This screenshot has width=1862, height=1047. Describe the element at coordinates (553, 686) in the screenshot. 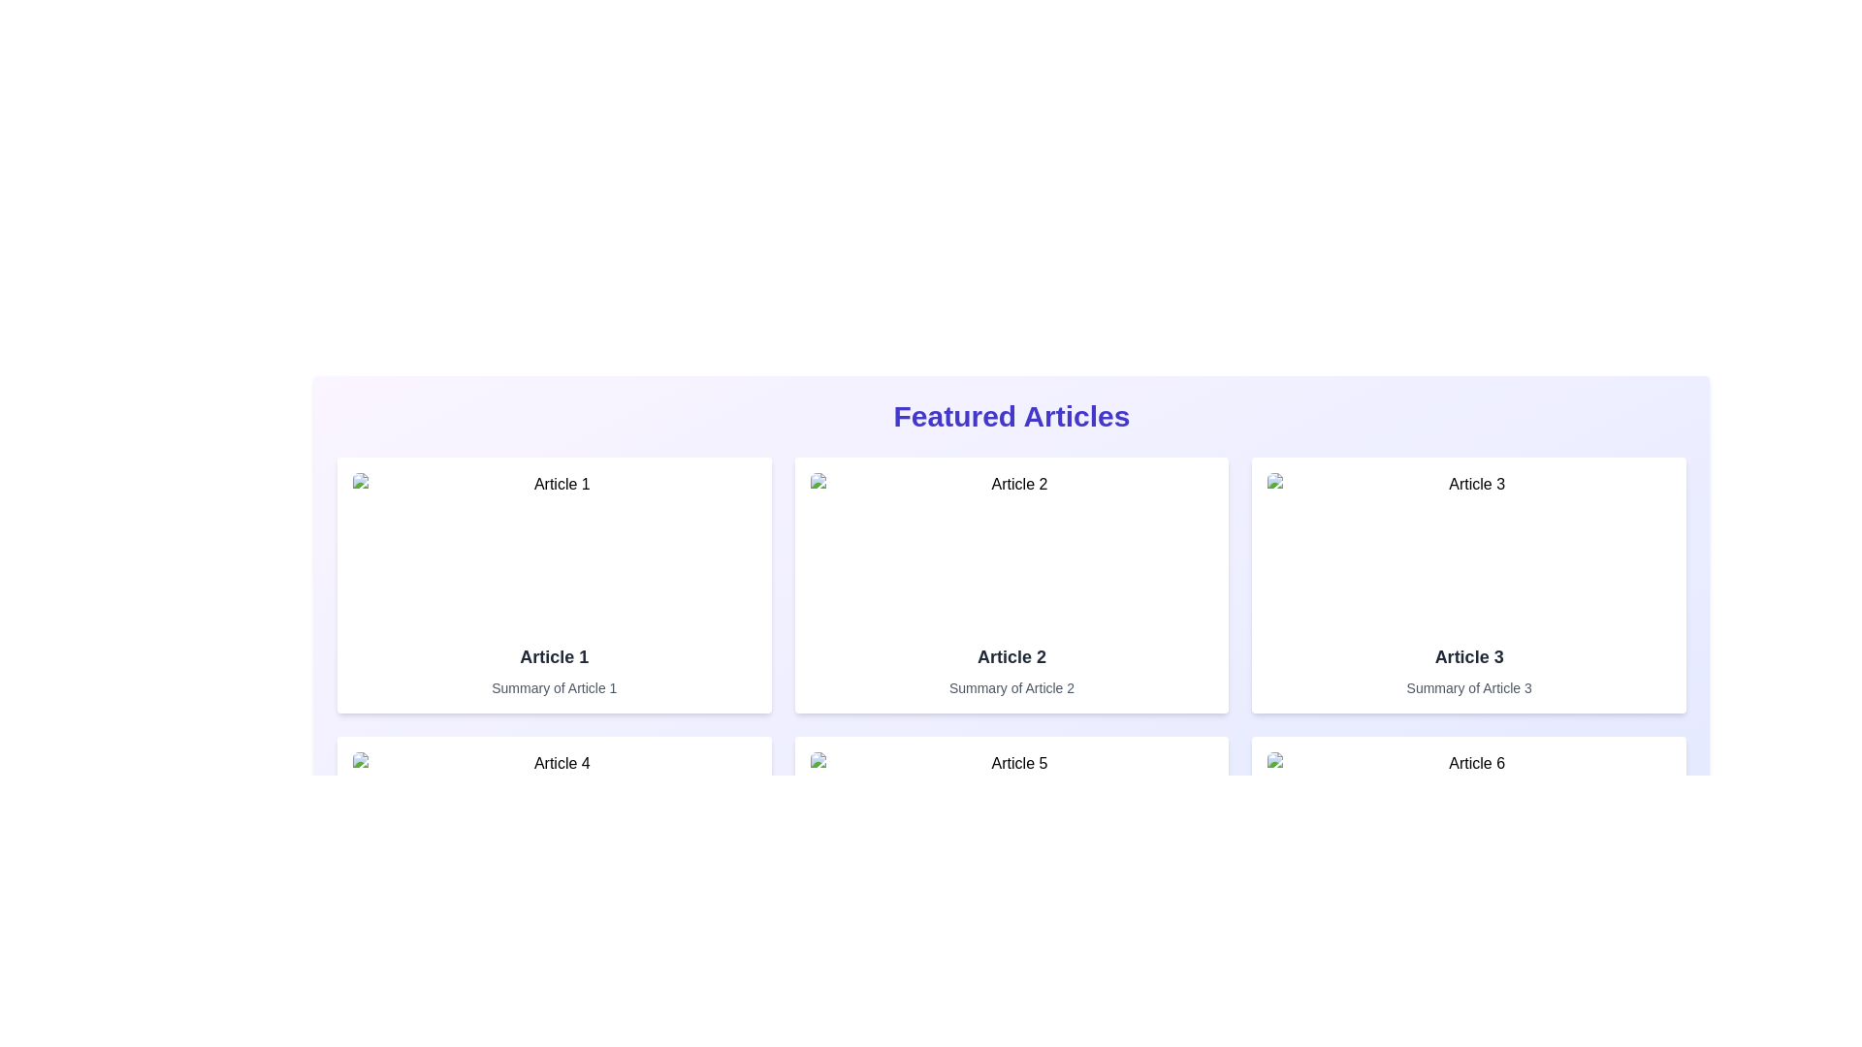

I see `the text label displaying 'Summary of Article 1', which is positioned below the bold header 'Article 1' within a white card` at that location.